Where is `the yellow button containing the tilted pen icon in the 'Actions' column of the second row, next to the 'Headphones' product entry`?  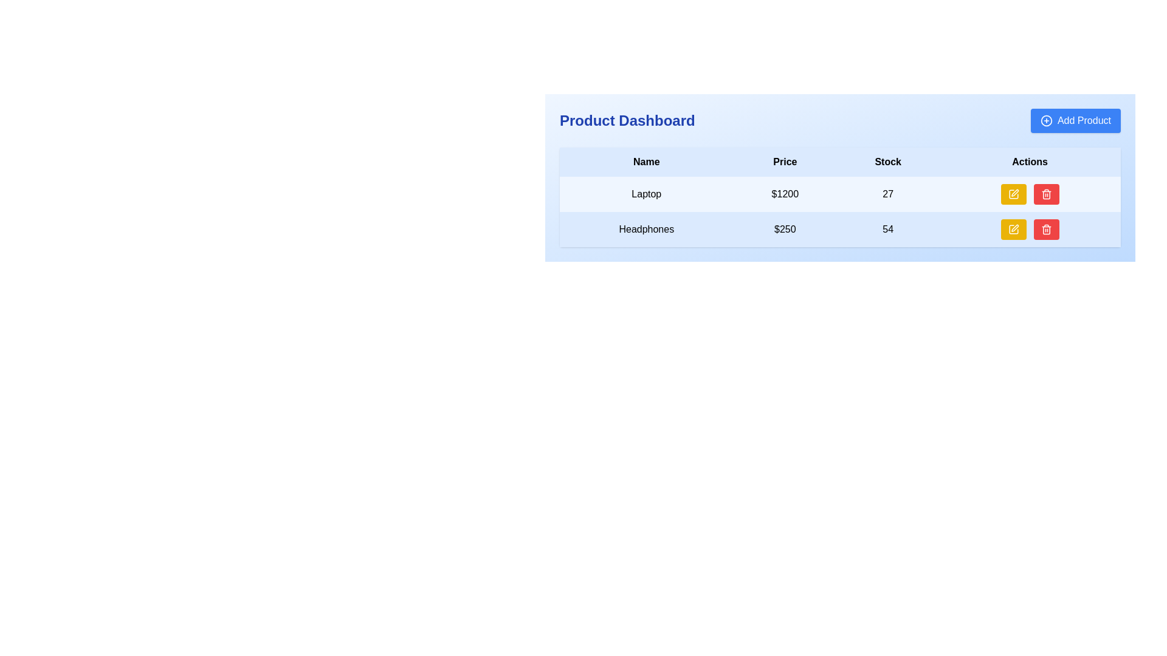 the yellow button containing the tilted pen icon in the 'Actions' column of the second row, next to the 'Headphones' product entry is located at coordinates (1014, 192).